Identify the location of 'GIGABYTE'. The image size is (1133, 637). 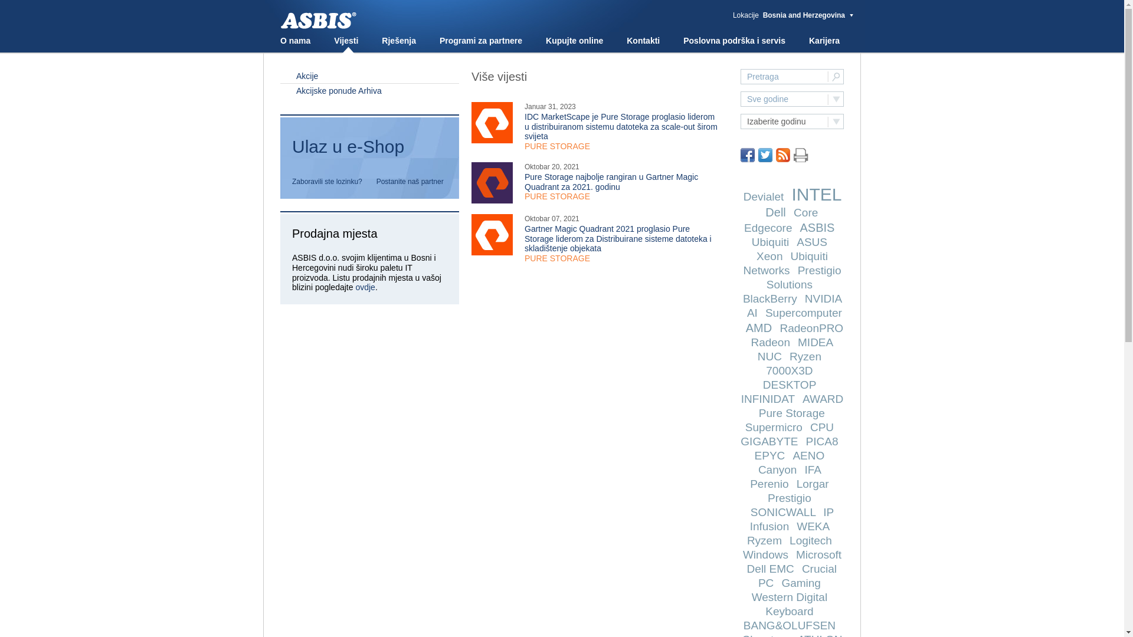
(769, 441).